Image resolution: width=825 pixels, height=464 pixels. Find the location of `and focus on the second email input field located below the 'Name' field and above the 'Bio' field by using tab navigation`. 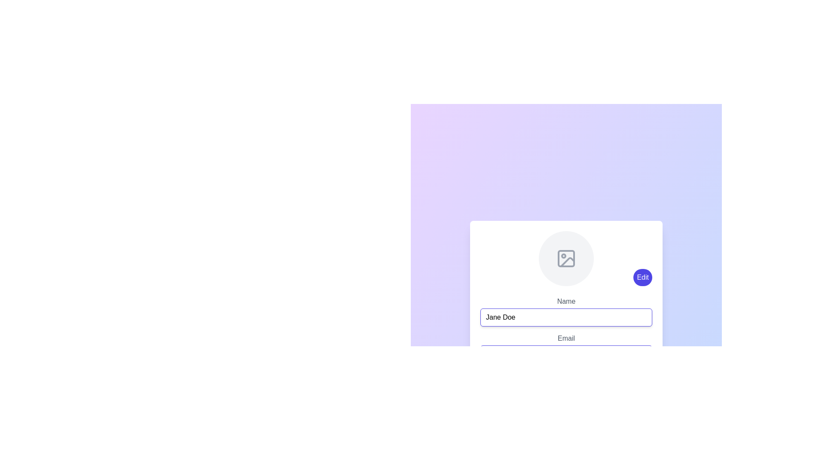

and focus on the second email input field located below the 'Name' field and above the 'Bio' field by using tab navigation is located at coordinates (566, 348).